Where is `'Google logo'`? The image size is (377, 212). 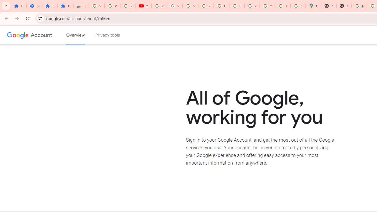
'Google logo' is located at coordinates (18, 35).